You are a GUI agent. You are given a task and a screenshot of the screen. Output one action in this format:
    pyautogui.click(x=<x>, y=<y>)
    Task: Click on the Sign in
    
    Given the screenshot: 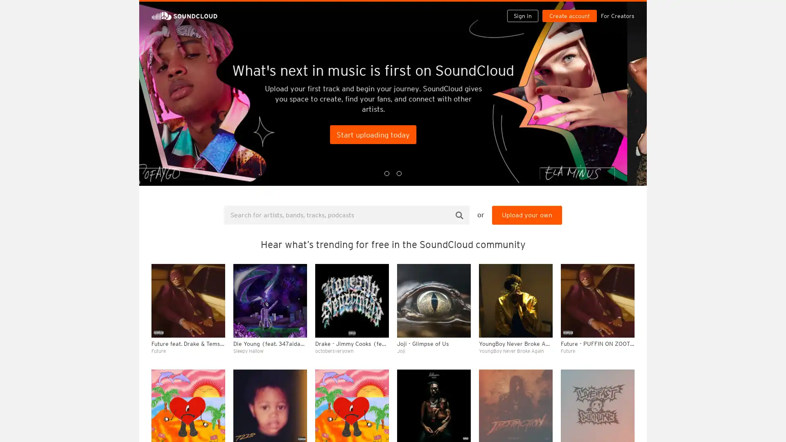 What is the action you would take?
    pyautogui.click(x=522, y=16)
    